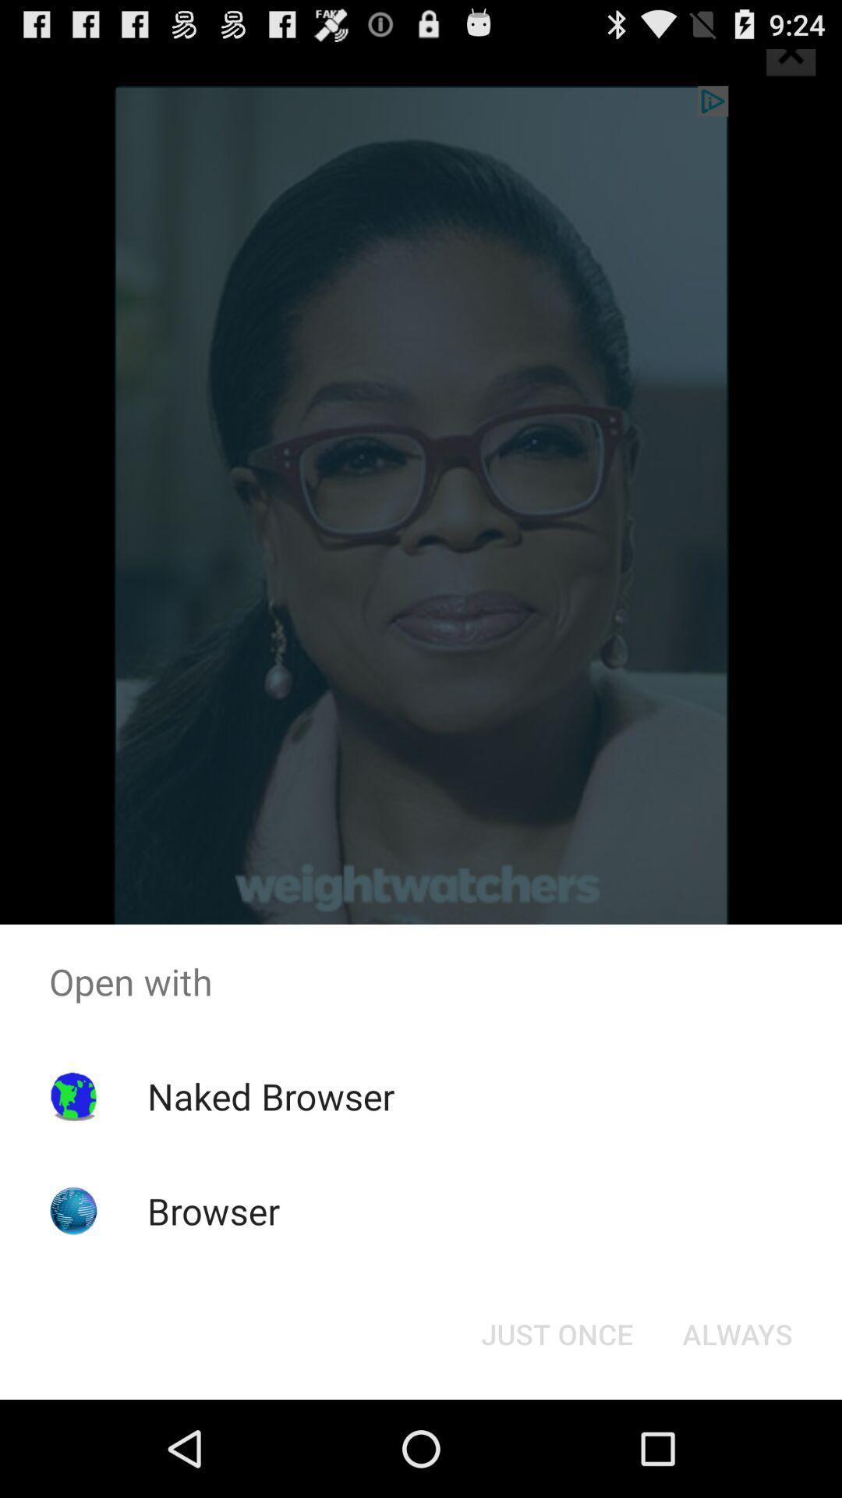 The width and height of the screenshot is (842, 1498). Describe the element at coordinates (737, 1333) in the screenshot. I see `item next to the just once button` at that location.